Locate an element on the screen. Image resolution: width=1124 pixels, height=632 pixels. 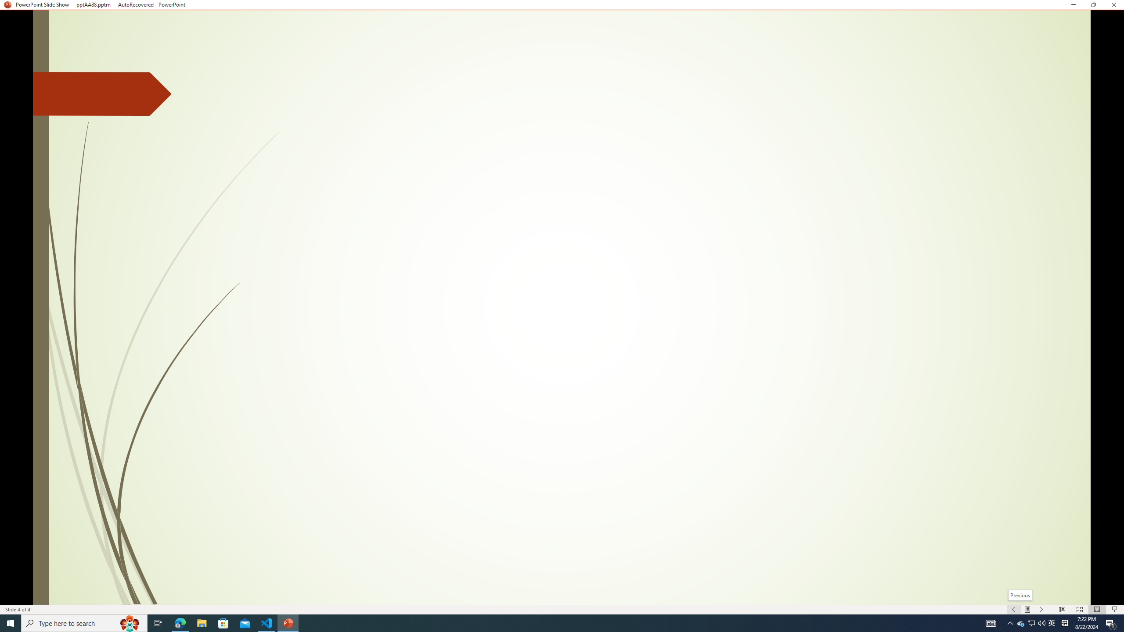
'Slide Show Previous On' is located at coordinates (1013, 610).